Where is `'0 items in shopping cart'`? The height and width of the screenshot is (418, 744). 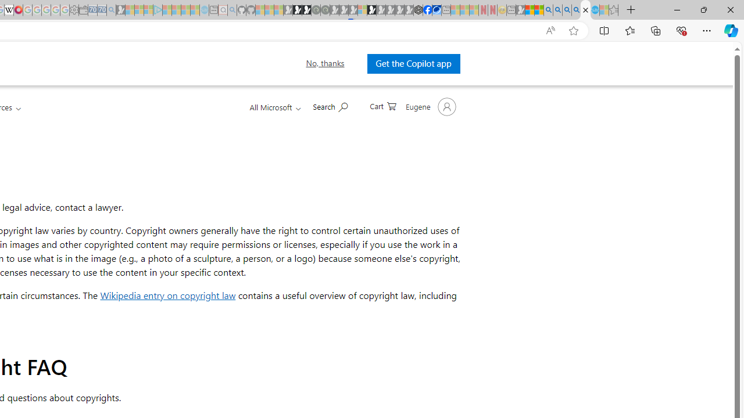 '0 items in shopping cart' is located at coordinates (383, 105).